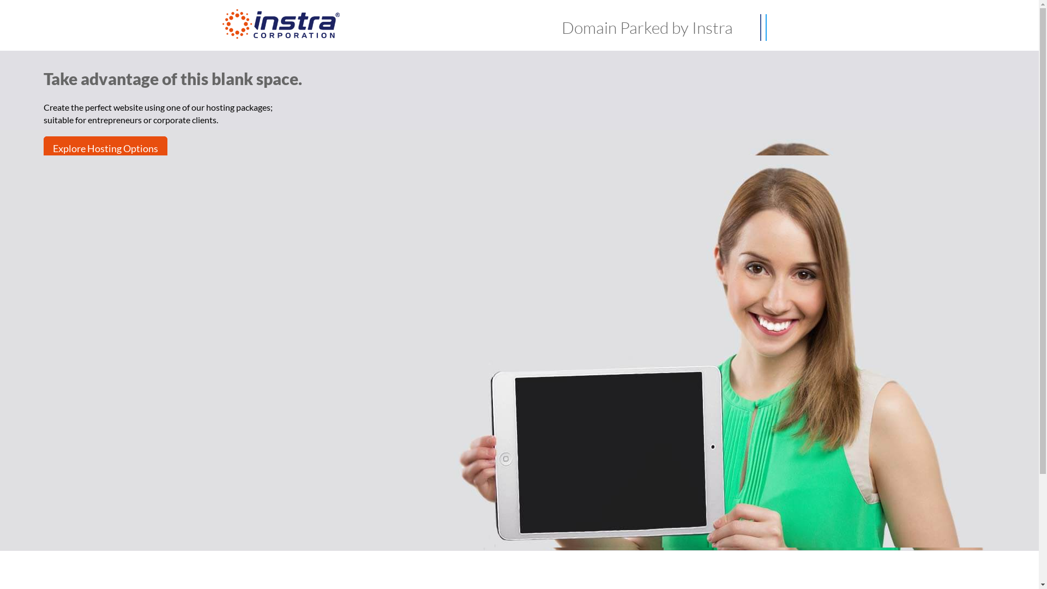 Image resolution: width=1047 pixels, height=589 pixels. Describe the element at coordinates (105, 148) in the screenshot. I see `'Explore Hosting Options'` at that location.